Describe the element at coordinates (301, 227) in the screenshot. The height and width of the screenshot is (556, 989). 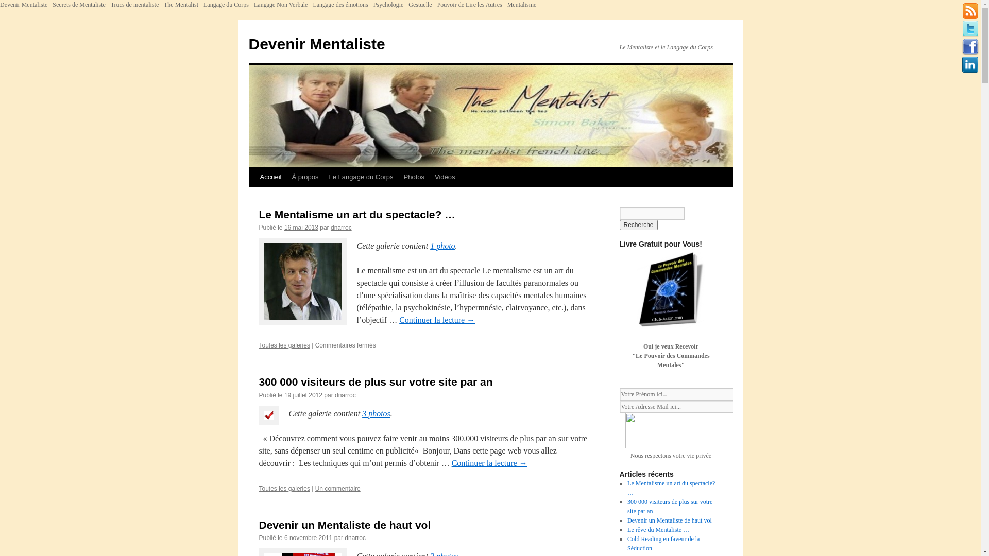
I see `'16 mai 2013'` at that location.